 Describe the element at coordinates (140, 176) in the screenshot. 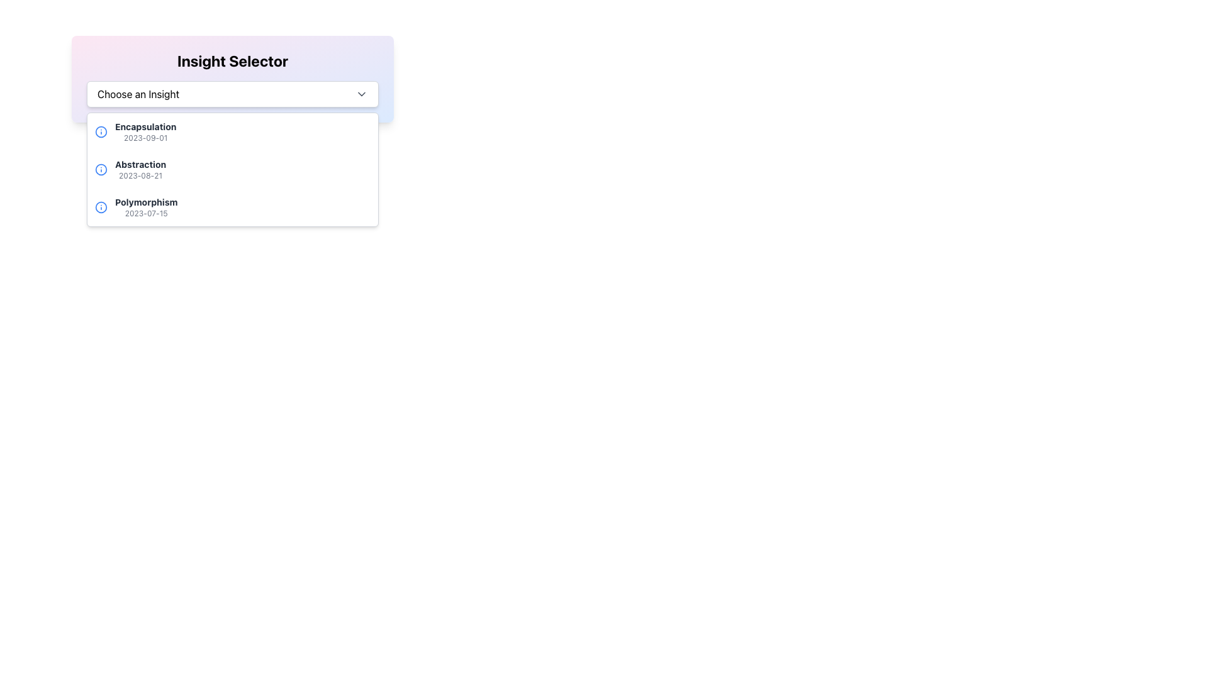

I see `the date display '2023-08-21' located in the dropdown list under the 'Insight Selector' heading associated with the 'Abstraction' entry` at that location.